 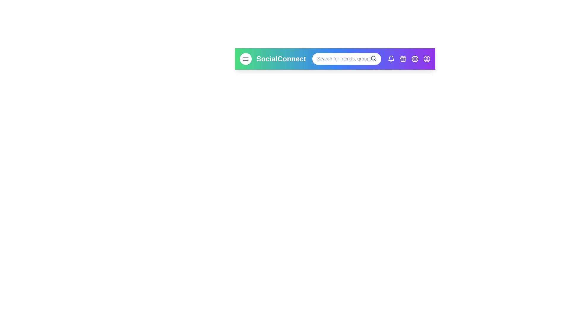 What do you see at coordinates (414, 59) in the screenshot?
I see `the globe button to access the respective functionality` at bounding box center [414, 59].